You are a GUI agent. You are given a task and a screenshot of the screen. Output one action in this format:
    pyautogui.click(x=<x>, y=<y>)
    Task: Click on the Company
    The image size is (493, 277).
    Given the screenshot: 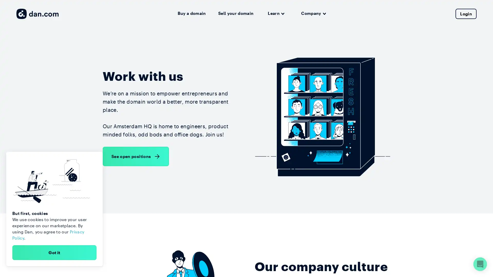 What is the action you would take?
    pyautogui.click(x=313, y=13)
    